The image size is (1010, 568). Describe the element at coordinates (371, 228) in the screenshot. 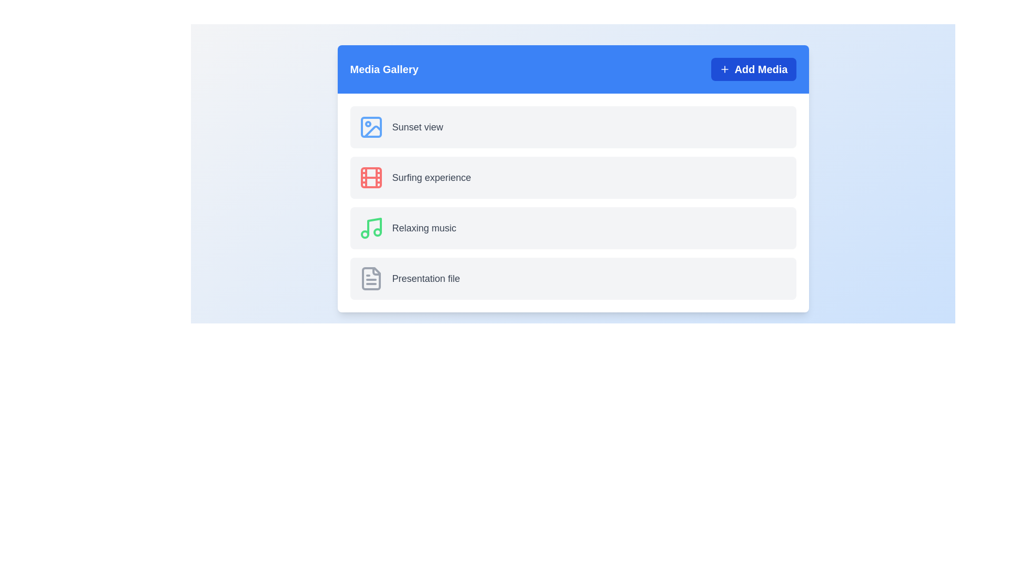

I see `the music-related icon located in the 'Relaxing music' list item, which is the first component to the left of the label in the Media Gallery section` at that location.